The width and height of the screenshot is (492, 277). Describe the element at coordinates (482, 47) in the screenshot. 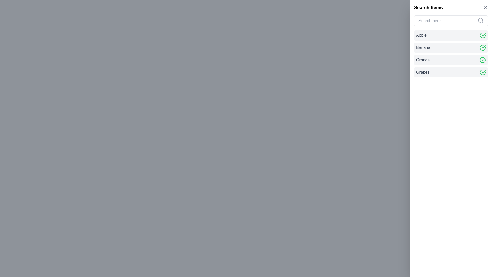

I see `the circular icon with a green outline and checkmark symbol, located to the right of the text 'Banana' in the sidebar's second row` at that location.